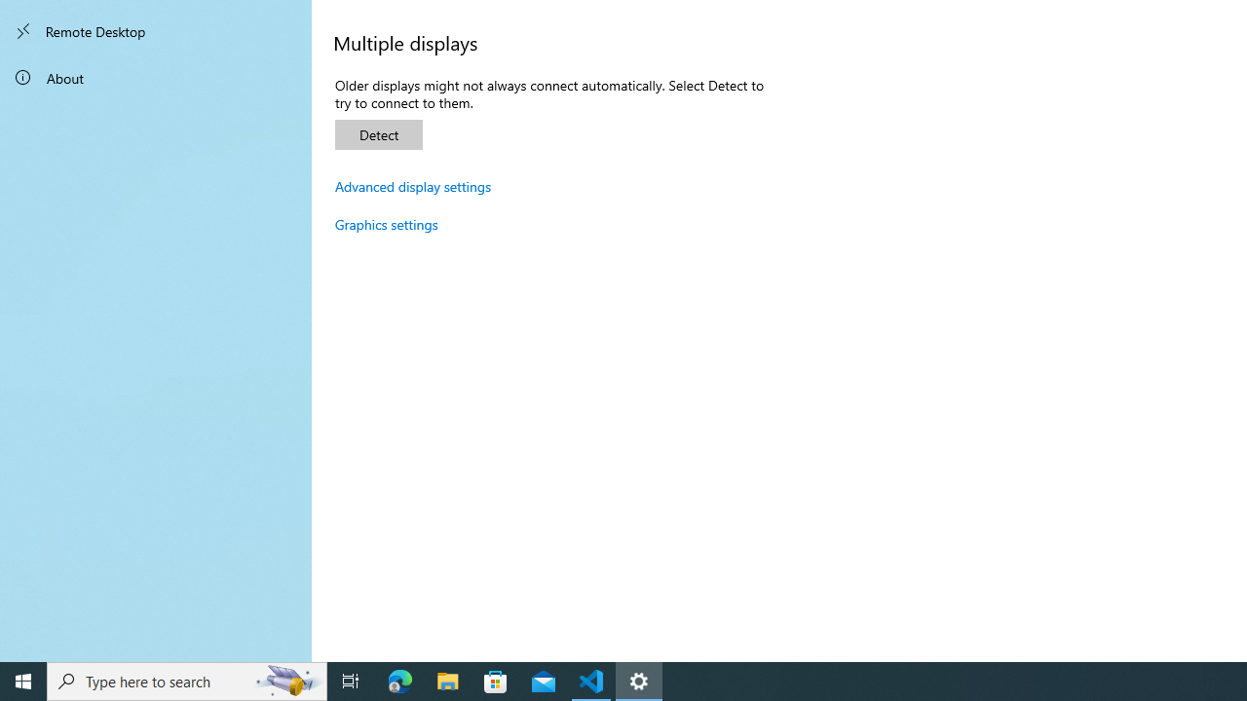 The image size is (1247, 701). Describe the element at coordinates (412, 186) in the screenshot. I see `'Advanced display settings'` at that location.